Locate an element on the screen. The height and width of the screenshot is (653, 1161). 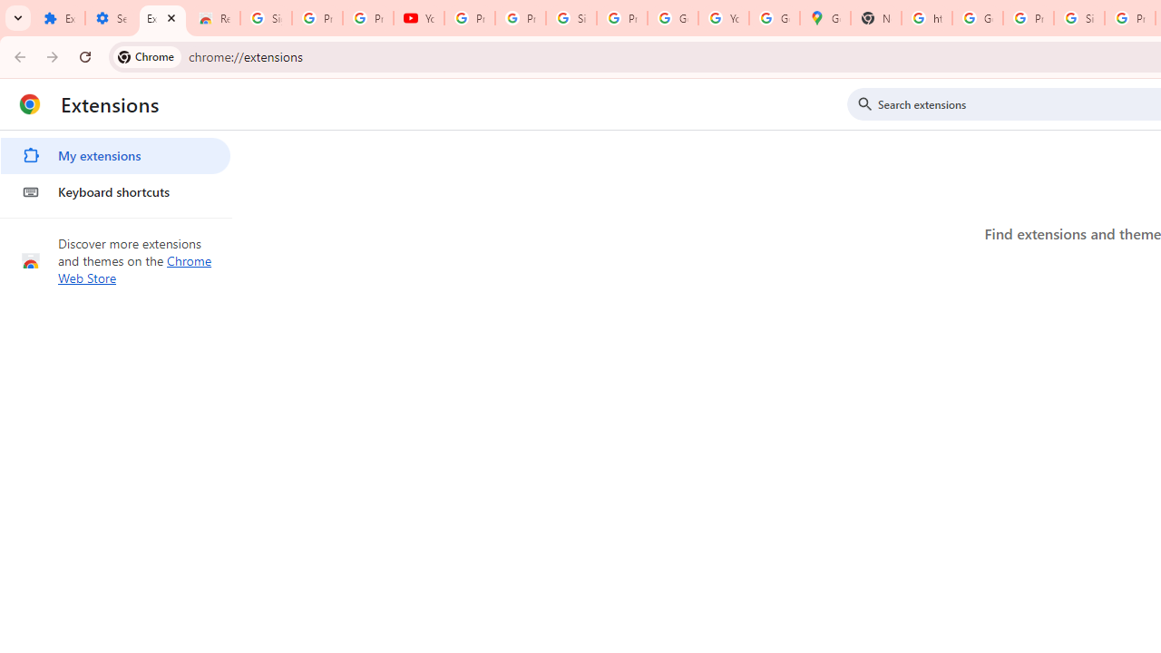
'Extensions' is located at coordinates (162, 18).